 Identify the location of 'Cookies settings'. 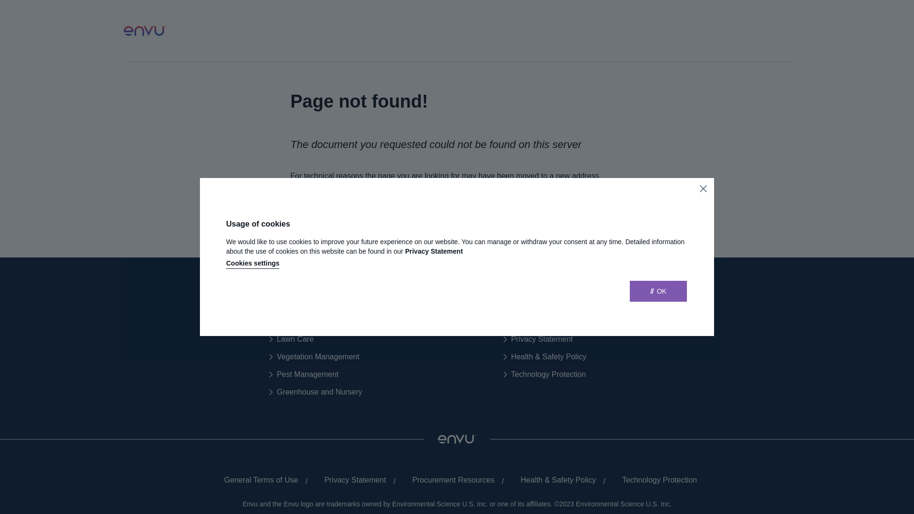
(253, 264).